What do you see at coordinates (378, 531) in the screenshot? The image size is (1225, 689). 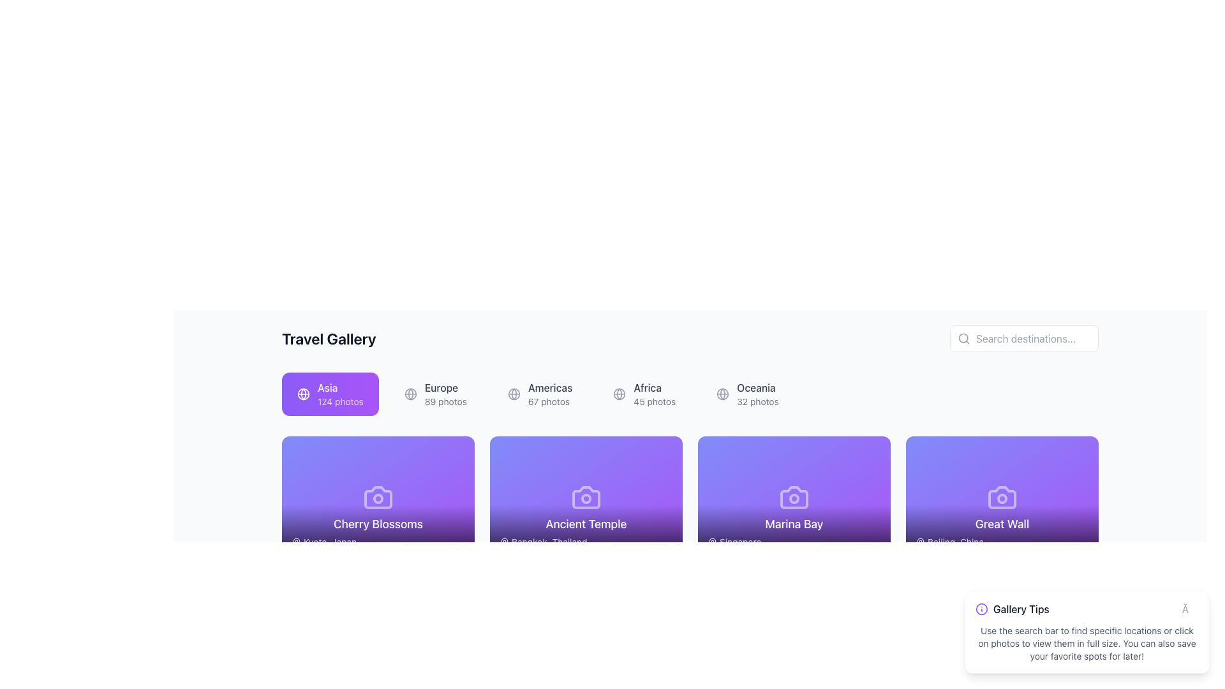 I see `the Informational Label displaying 'Cherry Blossoms' and 'Kyoto, Japan', which is located in the first card of the second row in the gallery` at bounding box center [378, 531].